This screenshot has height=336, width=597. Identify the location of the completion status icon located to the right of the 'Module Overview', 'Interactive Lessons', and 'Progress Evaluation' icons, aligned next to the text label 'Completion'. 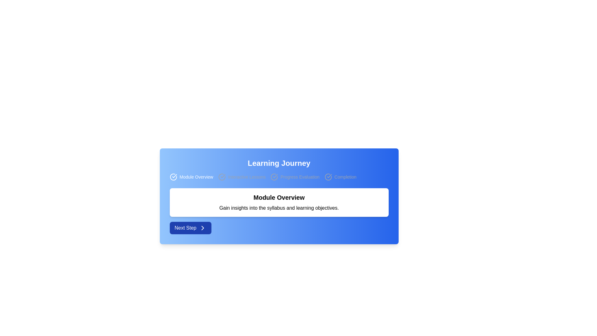
(328, 177).